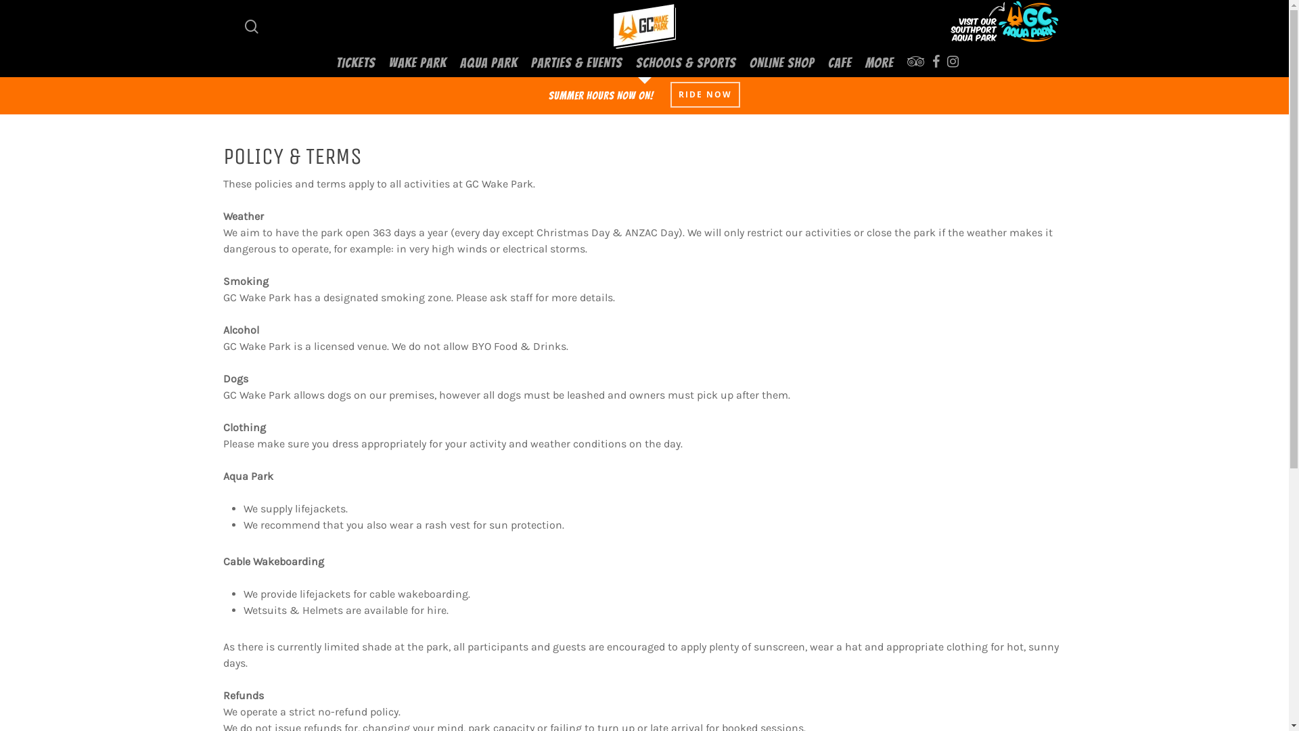 The image size is (1299, 731). What do you see at coordinates (839, 62) in the screenshot?
I see `'CAFE'` at bounding box center [839, 62].